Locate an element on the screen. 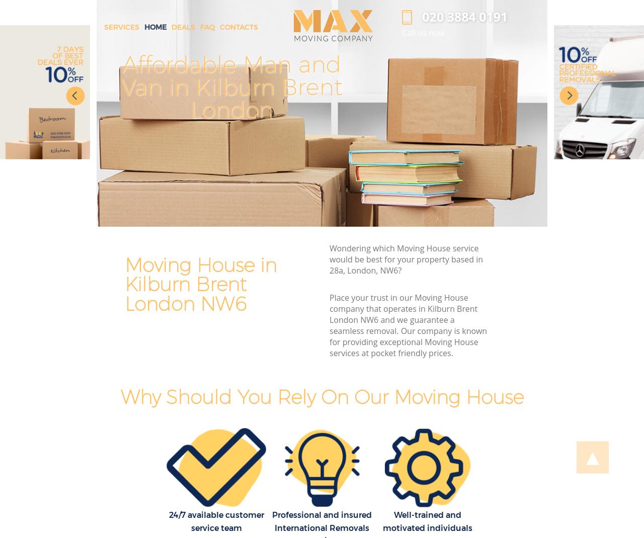  '‎020 3884 0191' is located at coordinates (464, 16).